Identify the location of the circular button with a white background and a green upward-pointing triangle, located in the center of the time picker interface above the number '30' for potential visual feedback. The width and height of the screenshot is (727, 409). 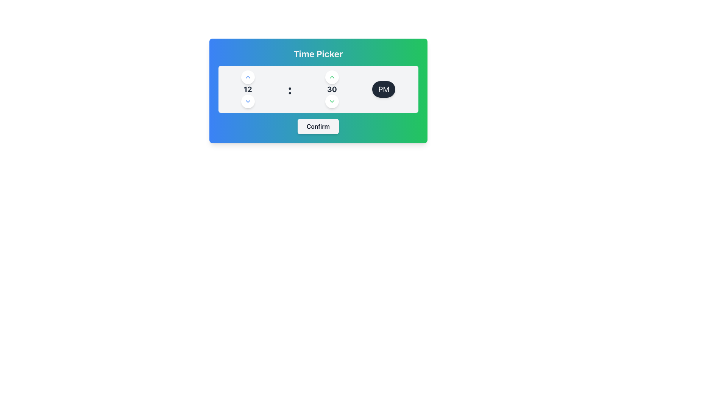
(332, 77).